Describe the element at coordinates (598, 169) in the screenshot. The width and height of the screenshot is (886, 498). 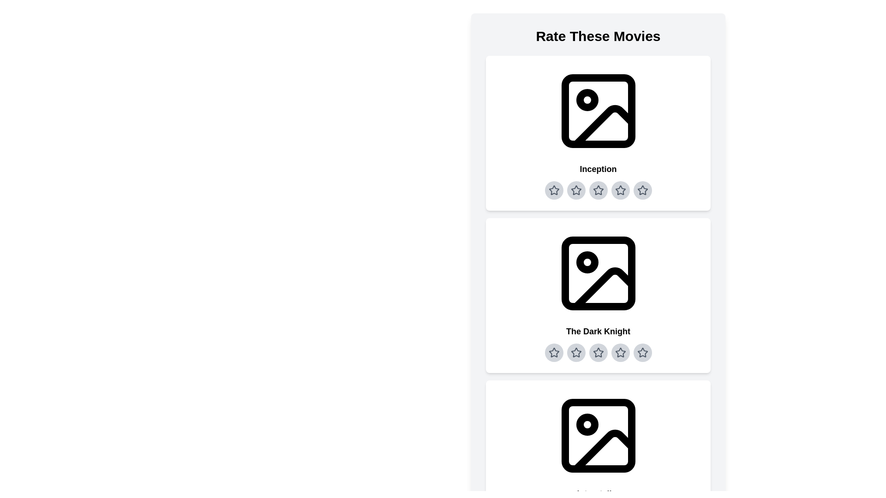
I see `the title of the movie Inception` at that location.